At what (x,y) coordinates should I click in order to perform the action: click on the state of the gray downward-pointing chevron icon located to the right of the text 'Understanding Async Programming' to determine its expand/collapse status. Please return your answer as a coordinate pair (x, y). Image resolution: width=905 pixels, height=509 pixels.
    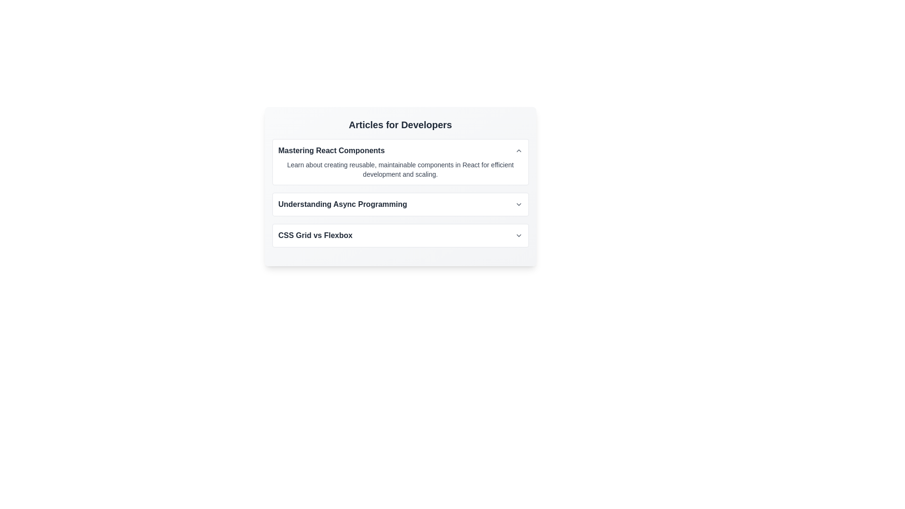
    Looking at the image, I should click on (518, 204).